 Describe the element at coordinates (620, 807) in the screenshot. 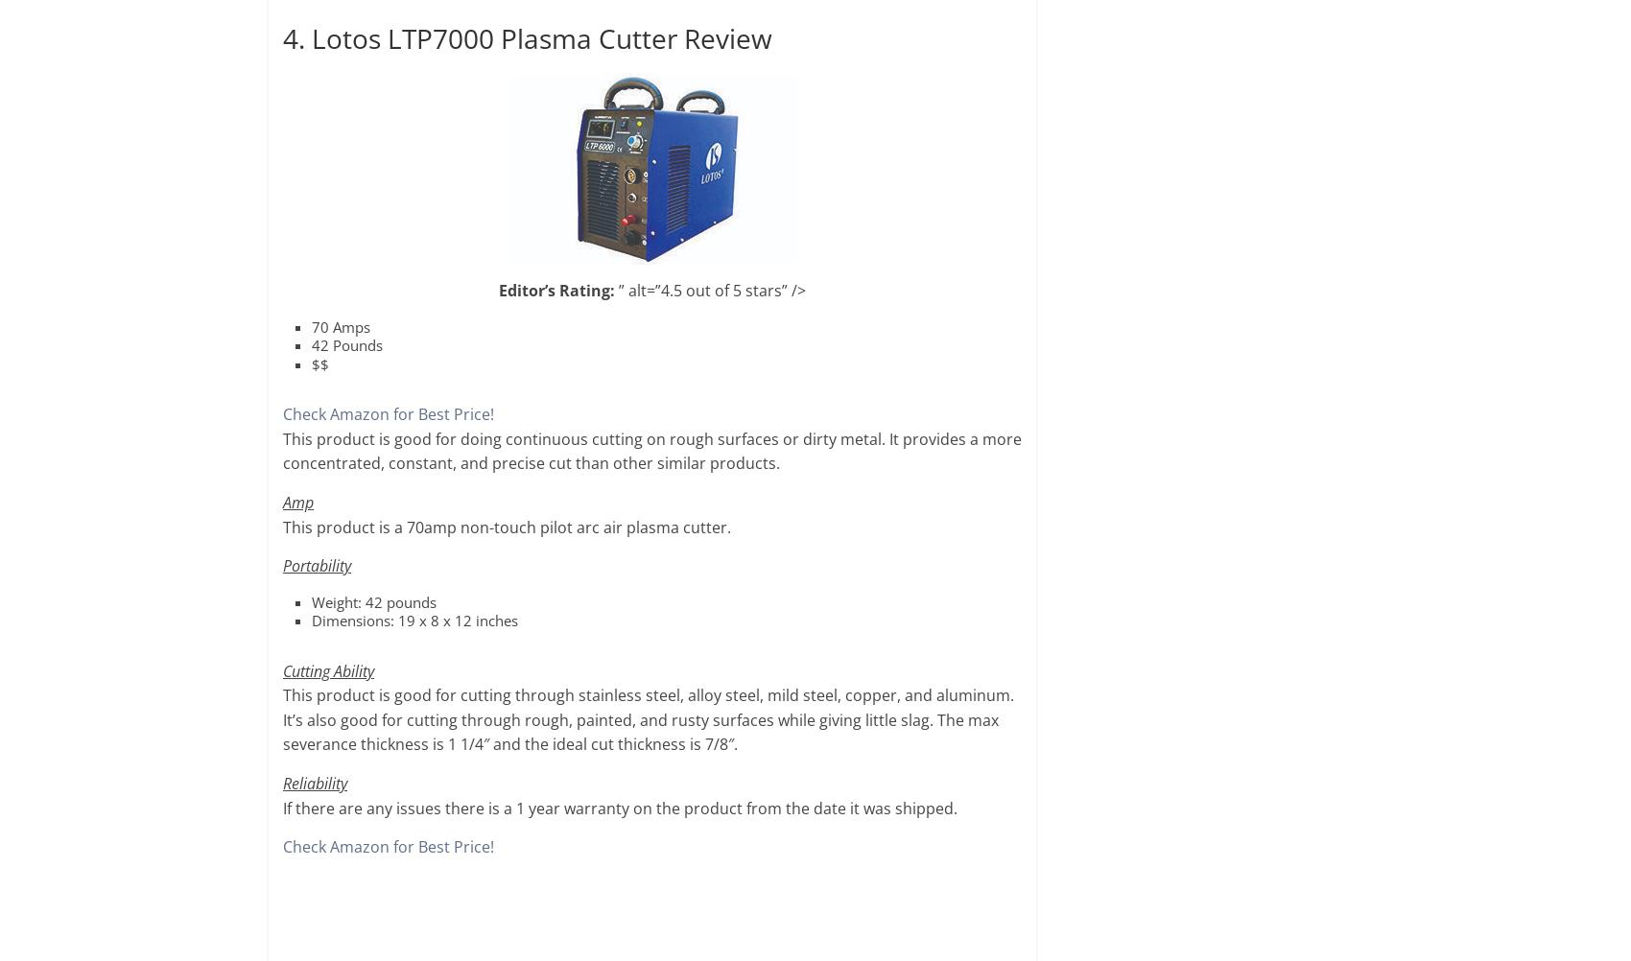

I see `'If there are any issues there is a 1 year warranty on the product from the date it was shipped.'` at that location.